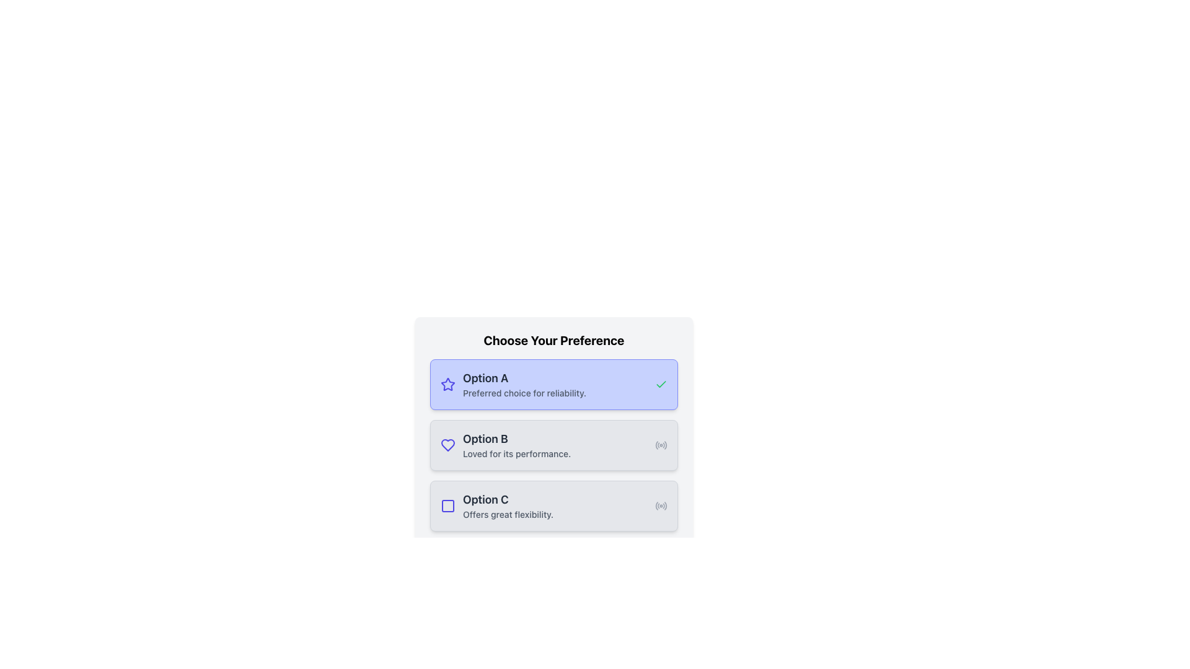  What do you see at coordinates (656, 506) in the screenshot?
I see `the circular icon representing 'Option C' in the vertical list of options` at bounding box center [656, 506].